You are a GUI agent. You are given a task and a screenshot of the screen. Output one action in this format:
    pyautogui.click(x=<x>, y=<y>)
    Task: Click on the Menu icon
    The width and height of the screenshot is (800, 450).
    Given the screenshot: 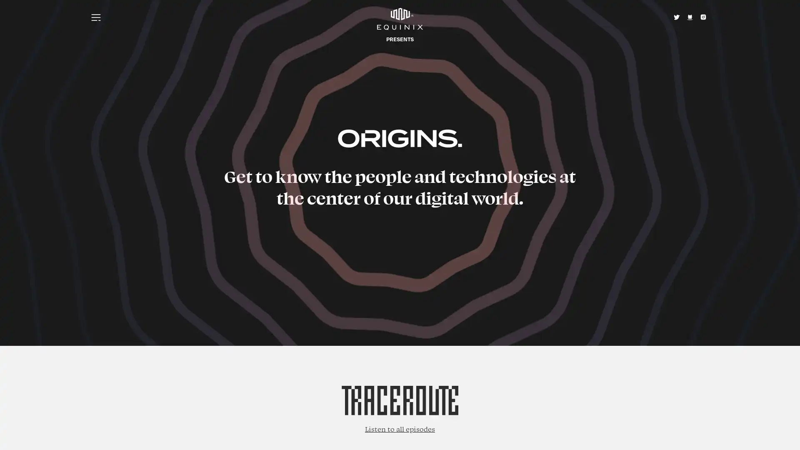 What is the action you would take?
    pyautogui.click(x=96, y=17)
    